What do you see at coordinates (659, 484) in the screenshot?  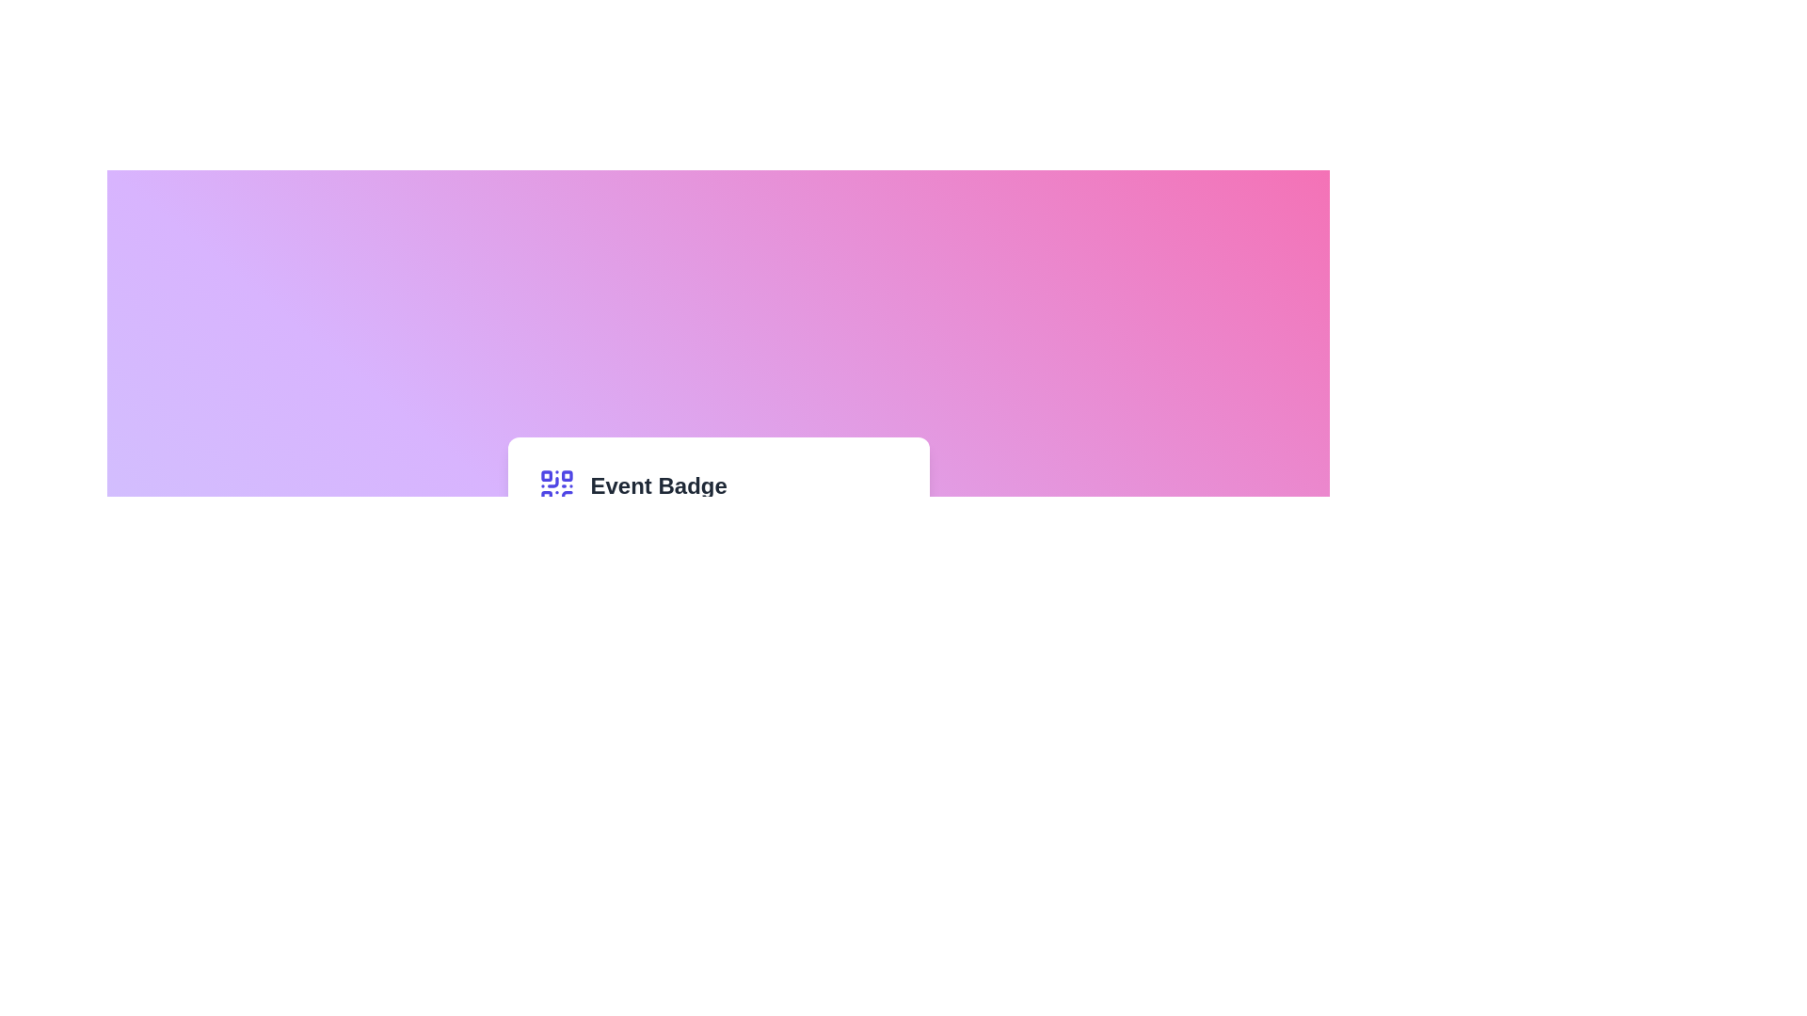 I see `the static text label displaying 'Event Badge', which is bold and large in dark gray color, positioned to the right of a QR code icon` at bounding box center [659, 484].